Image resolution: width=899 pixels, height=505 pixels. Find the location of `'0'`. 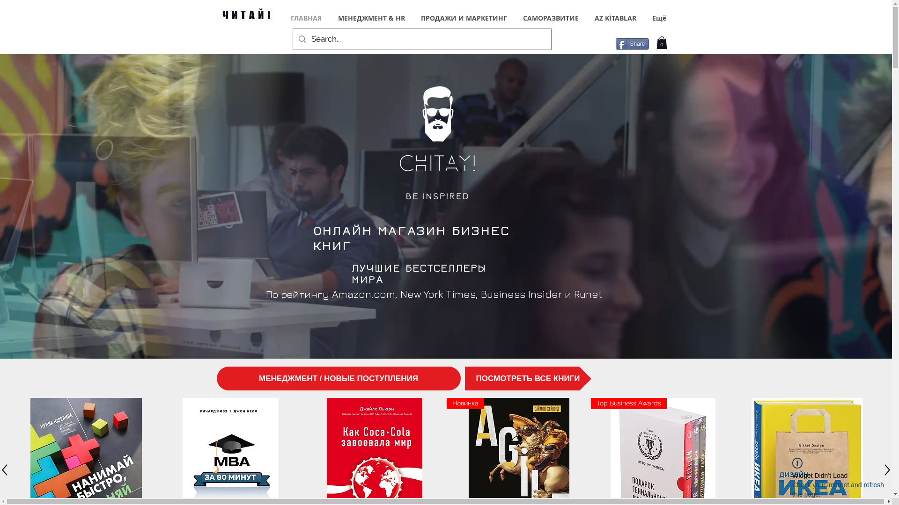

'0' is located at coordinates (661, 43).